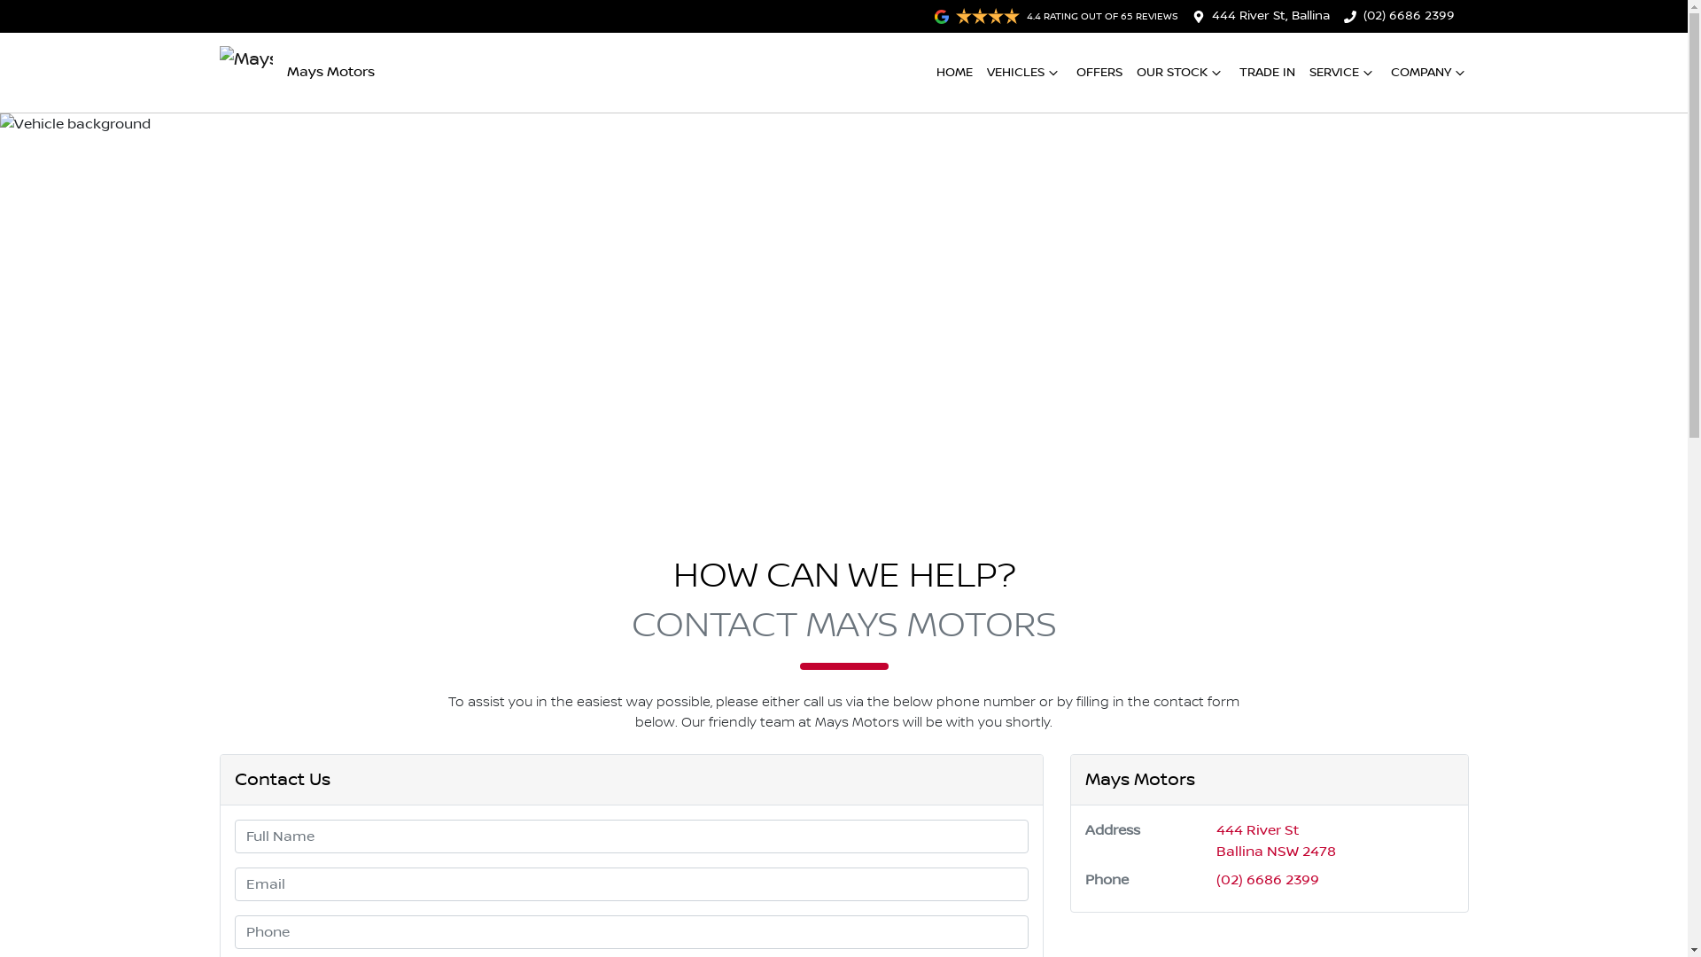 The height and width of the screenshot is (957, 1701). What do you see at coordinates (1270, 16) in the screenshot?
I see `'444 River St, Ballina'` at bounding box center [1270, 16].